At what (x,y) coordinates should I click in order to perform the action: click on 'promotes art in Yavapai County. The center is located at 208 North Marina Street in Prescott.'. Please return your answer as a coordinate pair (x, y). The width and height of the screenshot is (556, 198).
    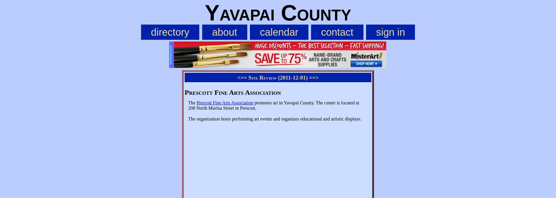
    Looking at the image, I should click on (188, 105).